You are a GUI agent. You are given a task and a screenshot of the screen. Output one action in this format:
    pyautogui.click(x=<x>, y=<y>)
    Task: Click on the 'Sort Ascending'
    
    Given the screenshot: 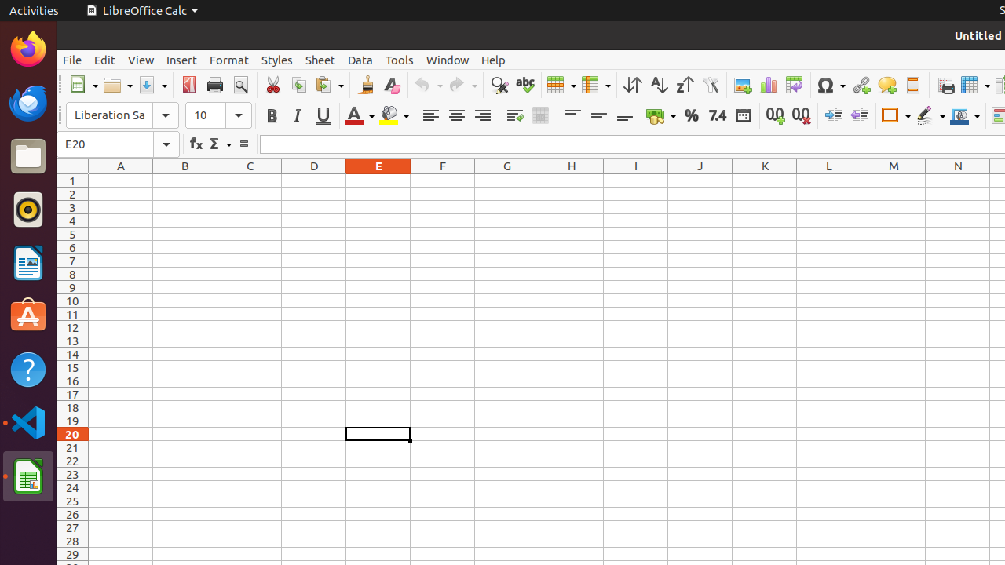 What is the action you would take?
    pyautogui.click(x=658, y=85)
    